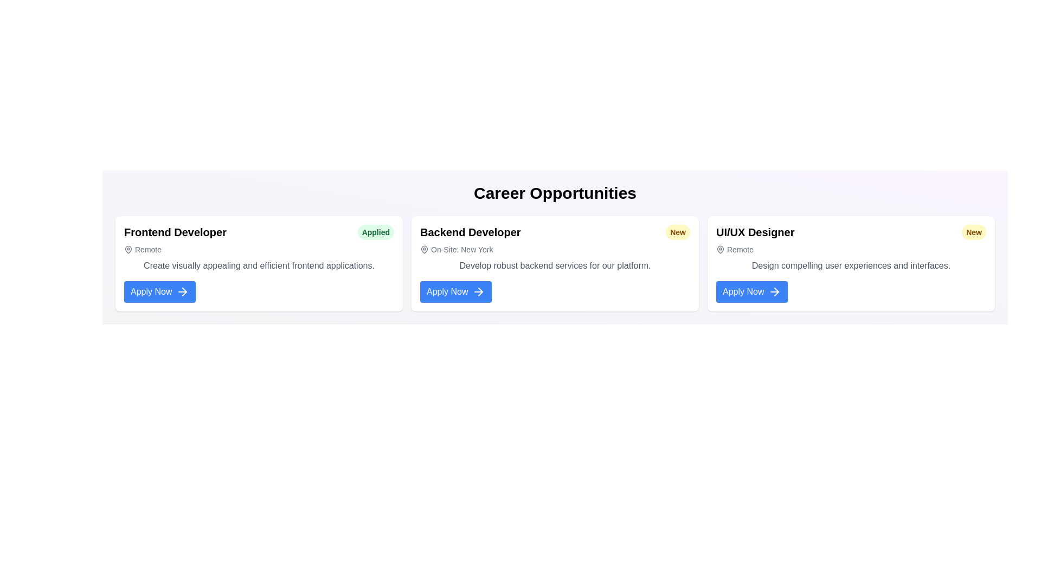  I want to click on the button for the 'Frontend Developer' position to change its background color, located at the bottom of the job listing card under the description 'Create visually appealing and efficient frontend applications.', so click(159, 291).